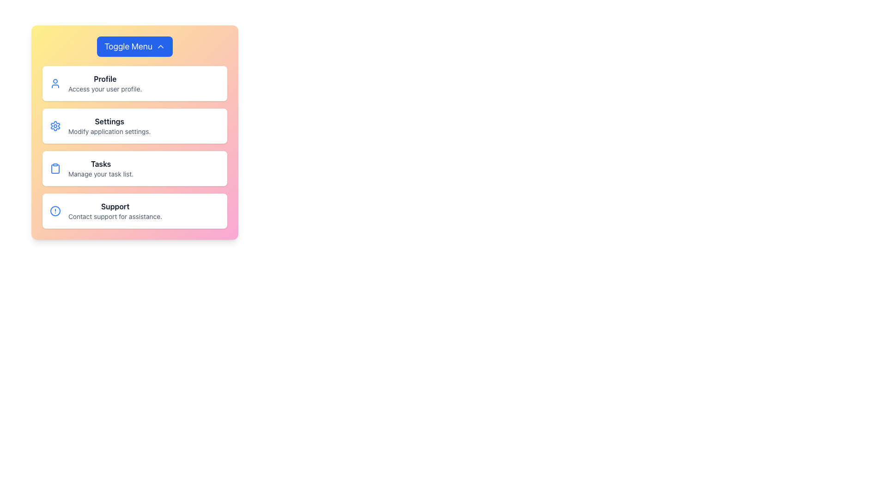  Describe the element at coordinates (115, 217) in the screenshot. I see `the text block displaying 'Contact support for assistance.' which is styled in gray and positioned below 'Support'` at that location.